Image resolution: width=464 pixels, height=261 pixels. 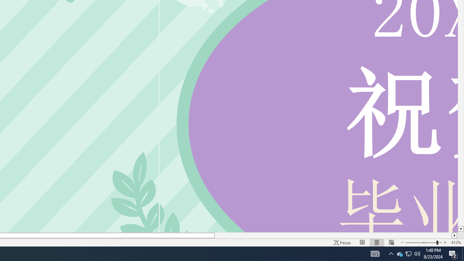 I want to click on 'Zoom', so click(x=423, y=243).